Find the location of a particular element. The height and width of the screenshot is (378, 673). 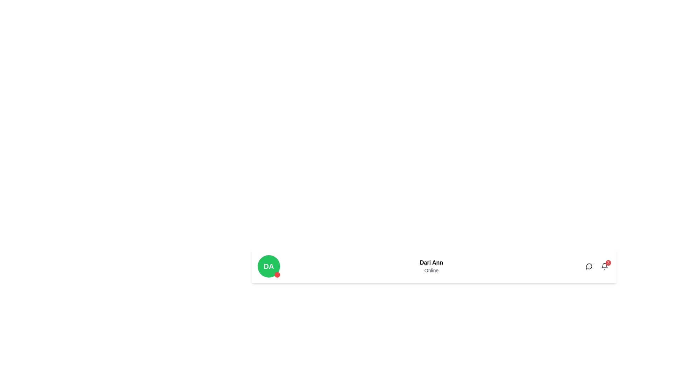

the red circular notification badge with the white number '3' at the top-right corner of the navigation bar is located at coordinates (608, 263).